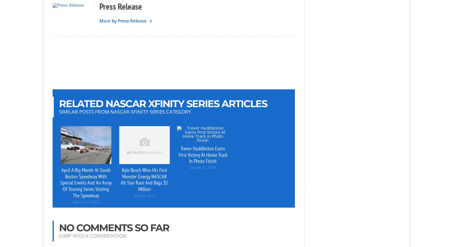  What do you see at coordinates (163, 103) in the screenshot?
I see `'Related NASCAR Xfinity Series Articles'` at bounding box center [163, 103].